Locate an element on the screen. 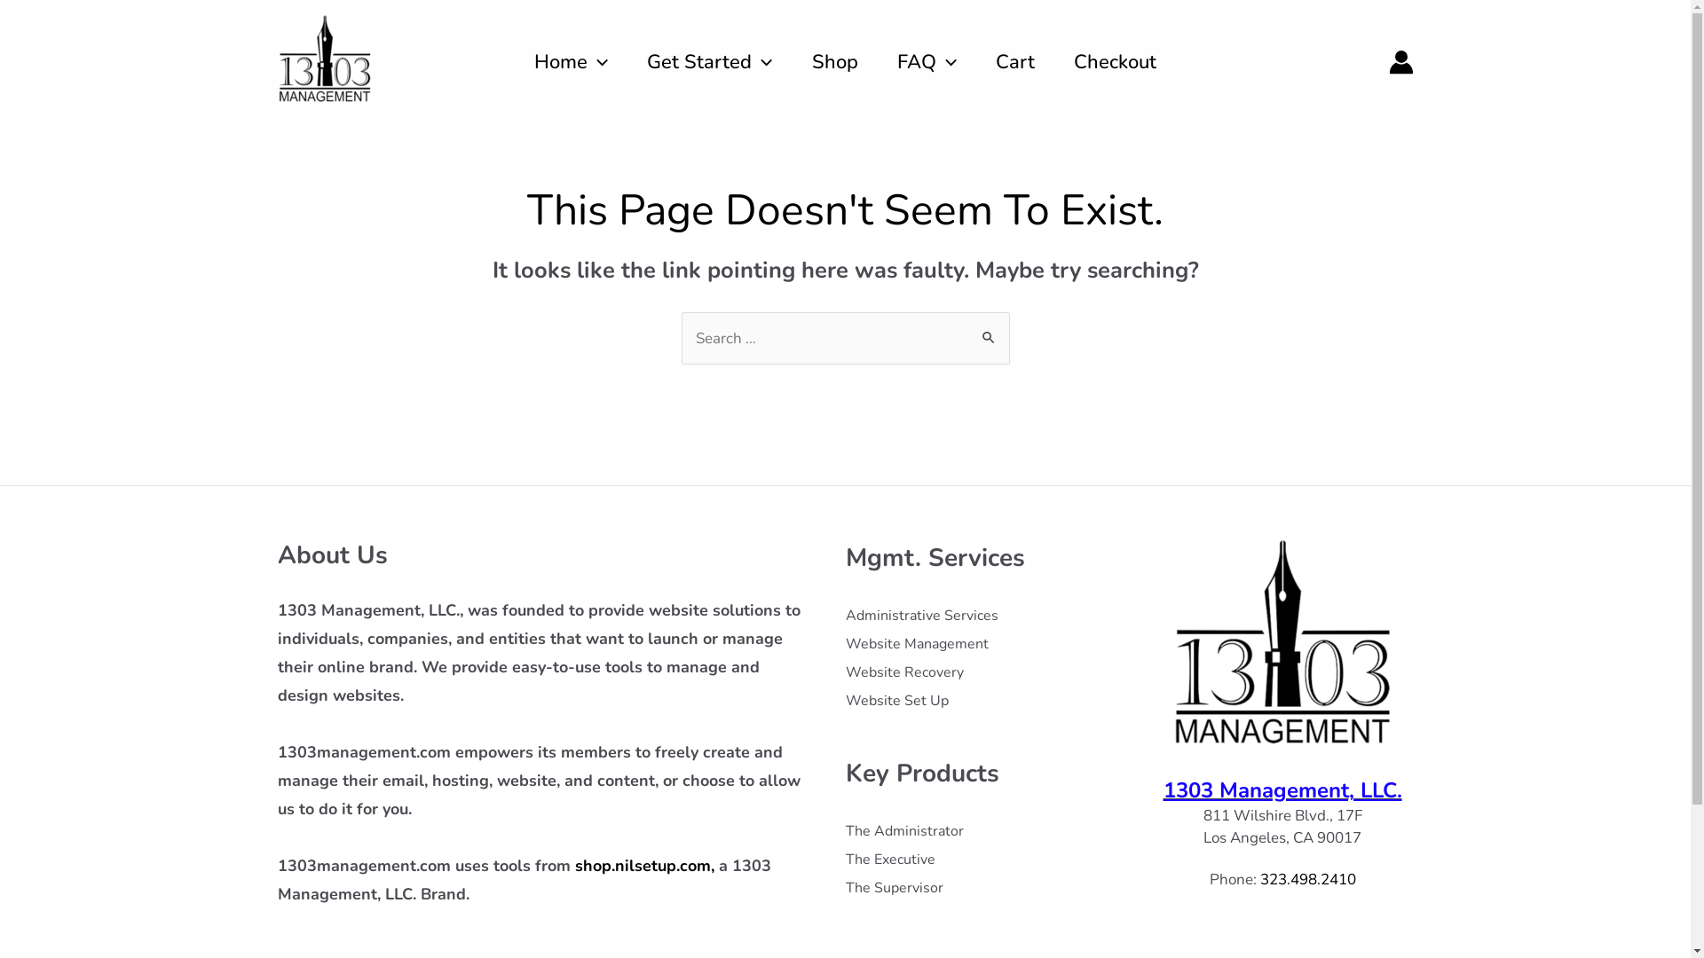  'The Executive' is located at coordinates (843, 858).